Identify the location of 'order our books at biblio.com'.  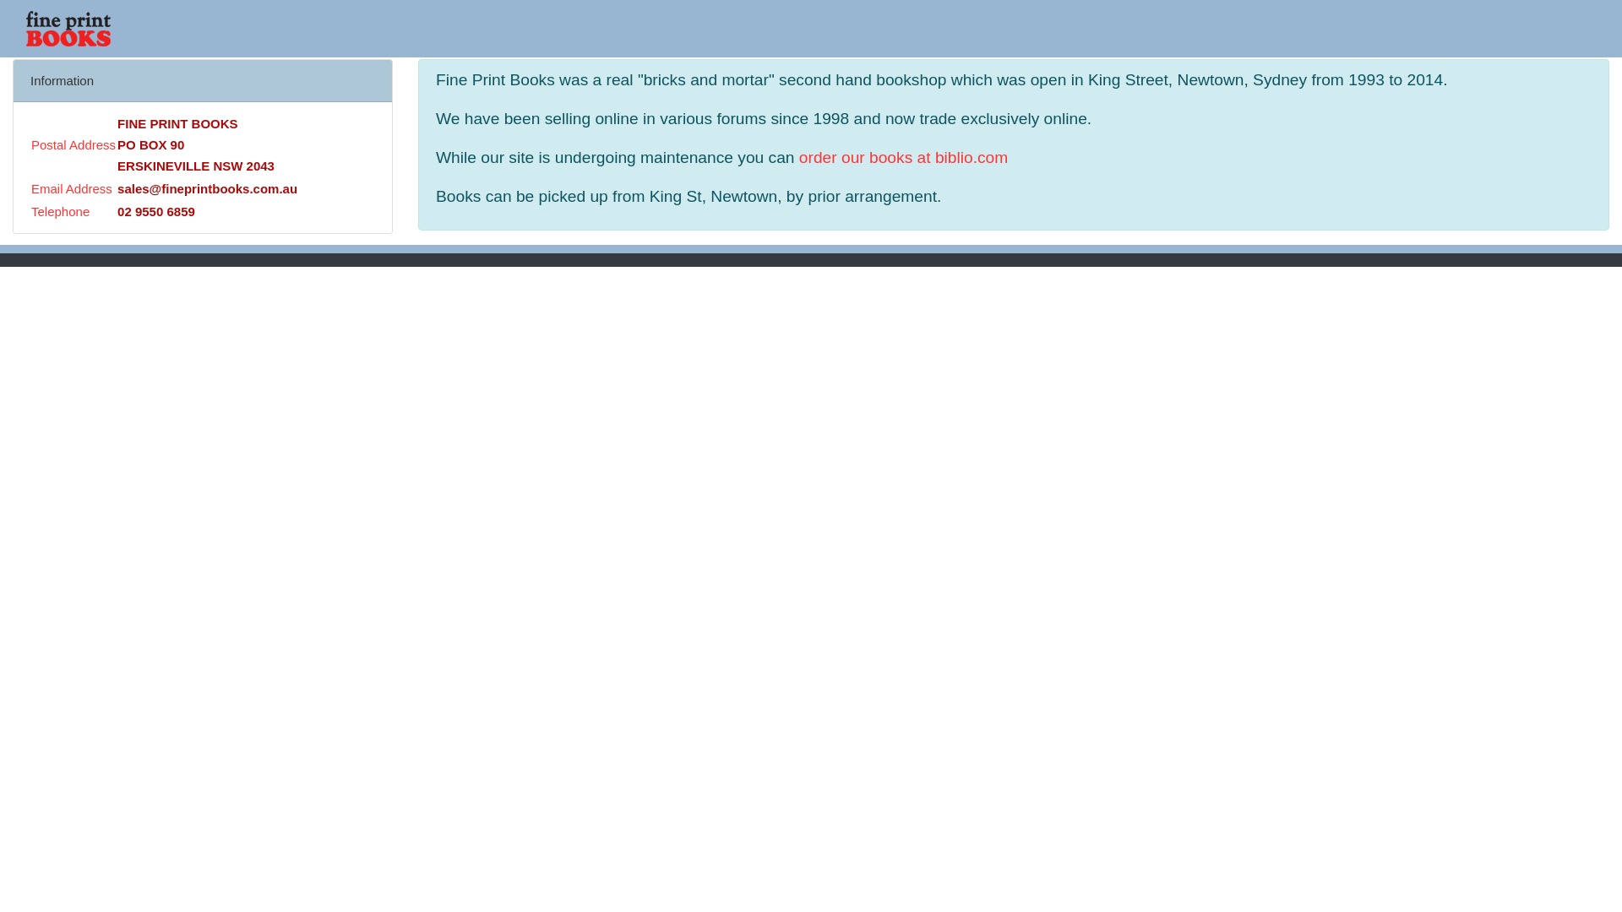
(902, 157).